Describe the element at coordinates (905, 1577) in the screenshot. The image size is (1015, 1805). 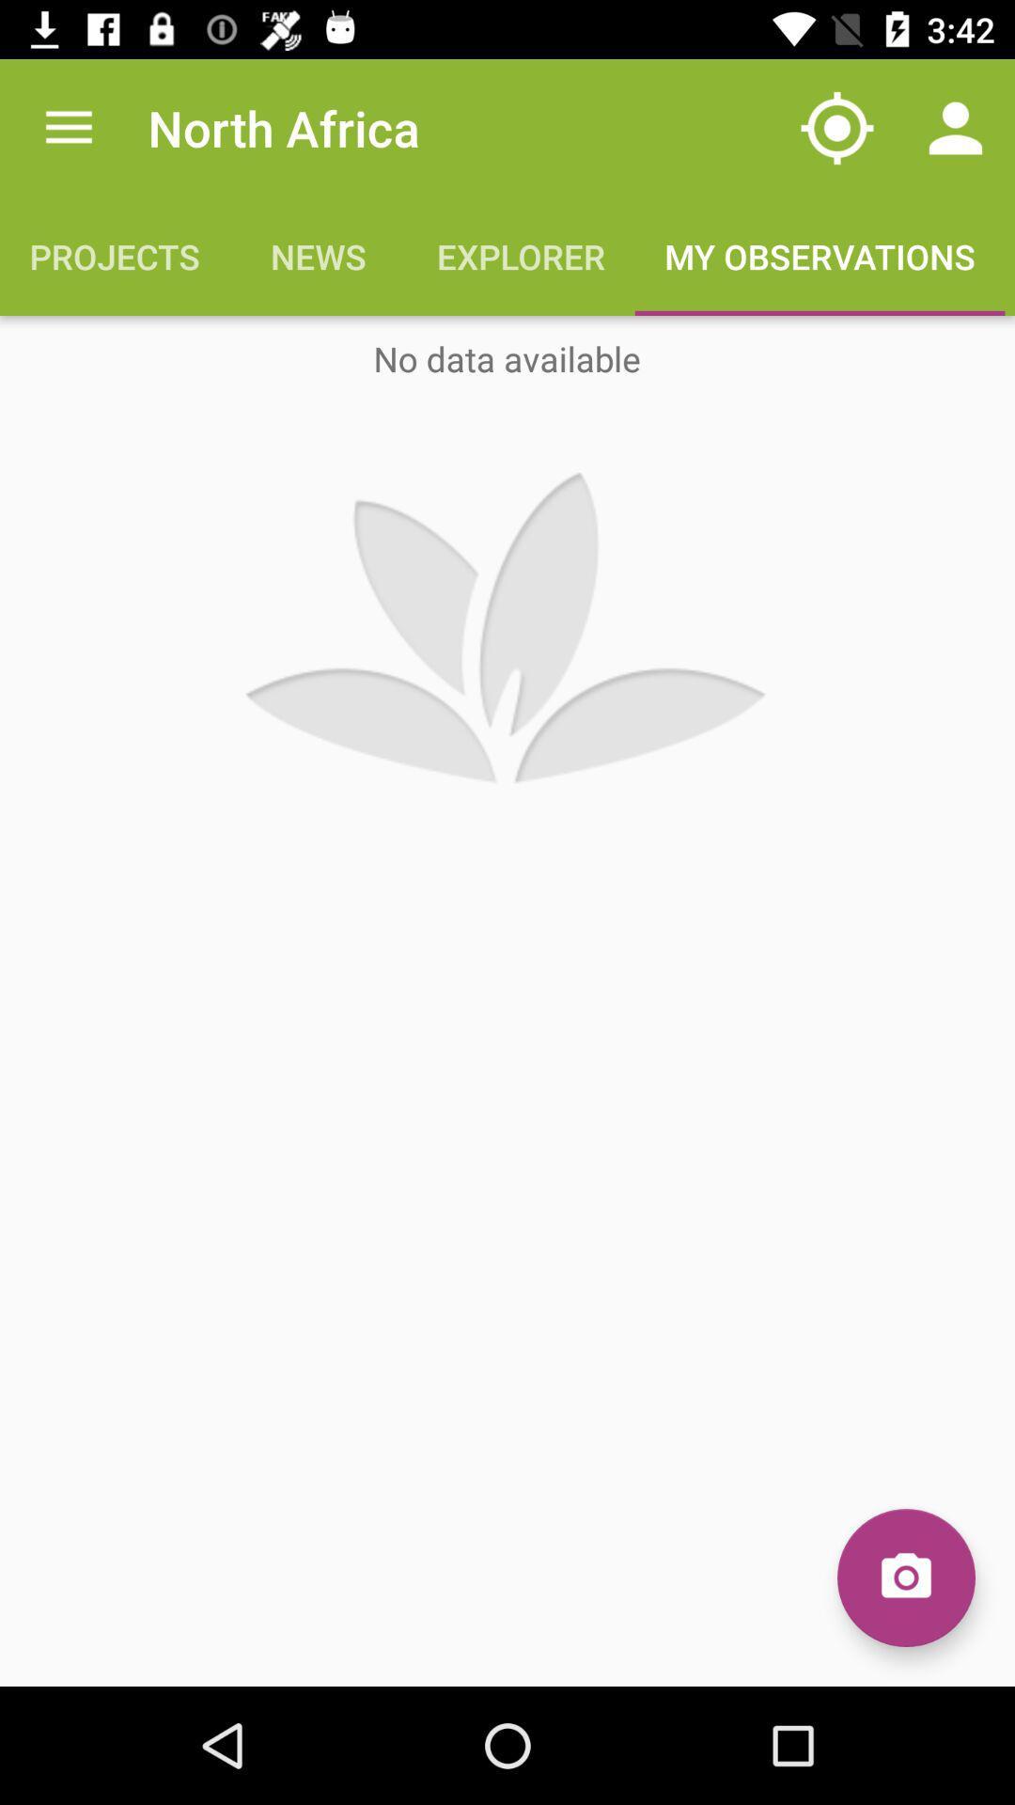
I see `item below my observations` at that location.